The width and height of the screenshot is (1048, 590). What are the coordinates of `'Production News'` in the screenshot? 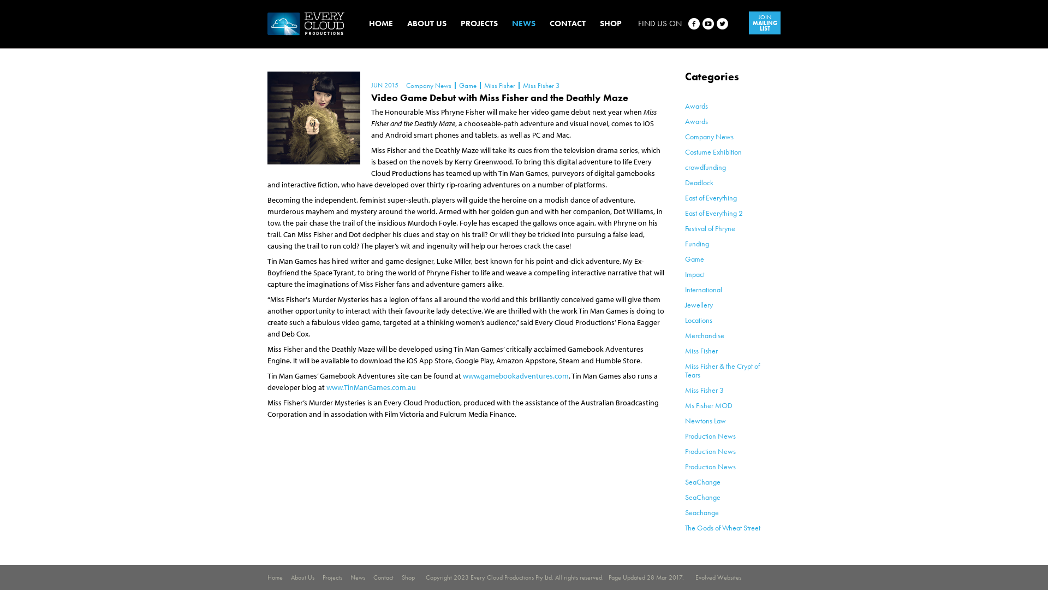 It's located at (684, 435).